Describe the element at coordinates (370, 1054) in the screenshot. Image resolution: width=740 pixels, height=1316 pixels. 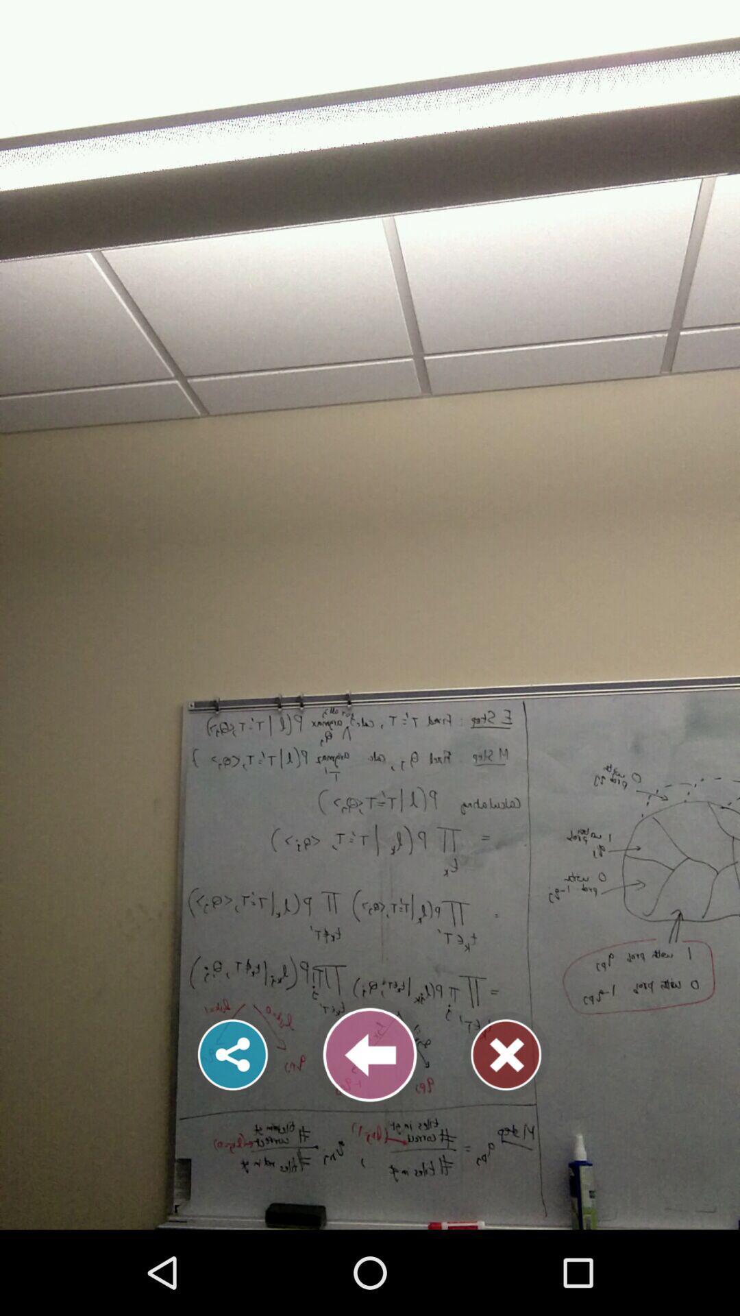
I see `the arrow_backward icon` at that location.